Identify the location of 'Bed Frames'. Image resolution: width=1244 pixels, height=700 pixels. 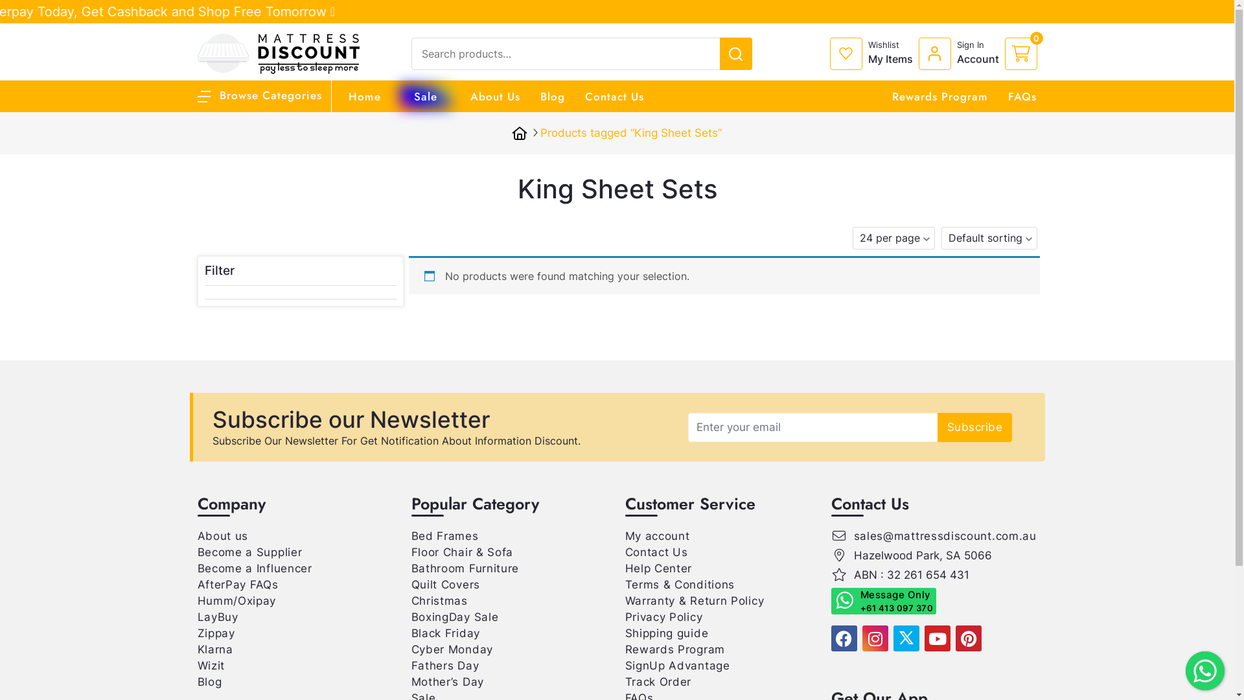
(444, 535).